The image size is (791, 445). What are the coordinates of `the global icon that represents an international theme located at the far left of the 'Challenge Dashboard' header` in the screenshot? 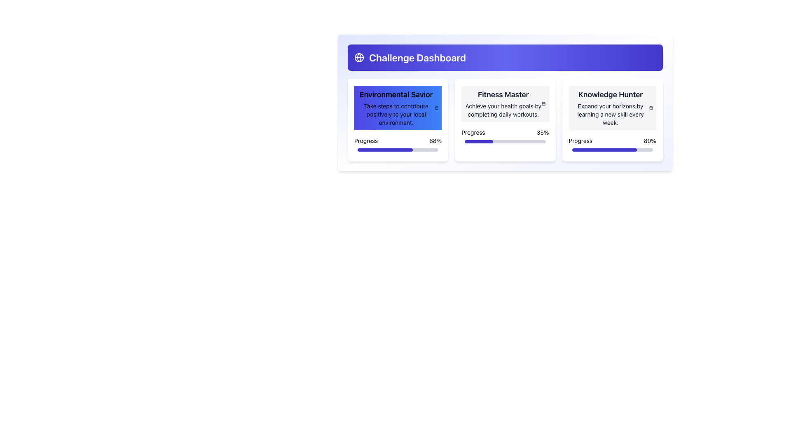 It's located at (359, 57).